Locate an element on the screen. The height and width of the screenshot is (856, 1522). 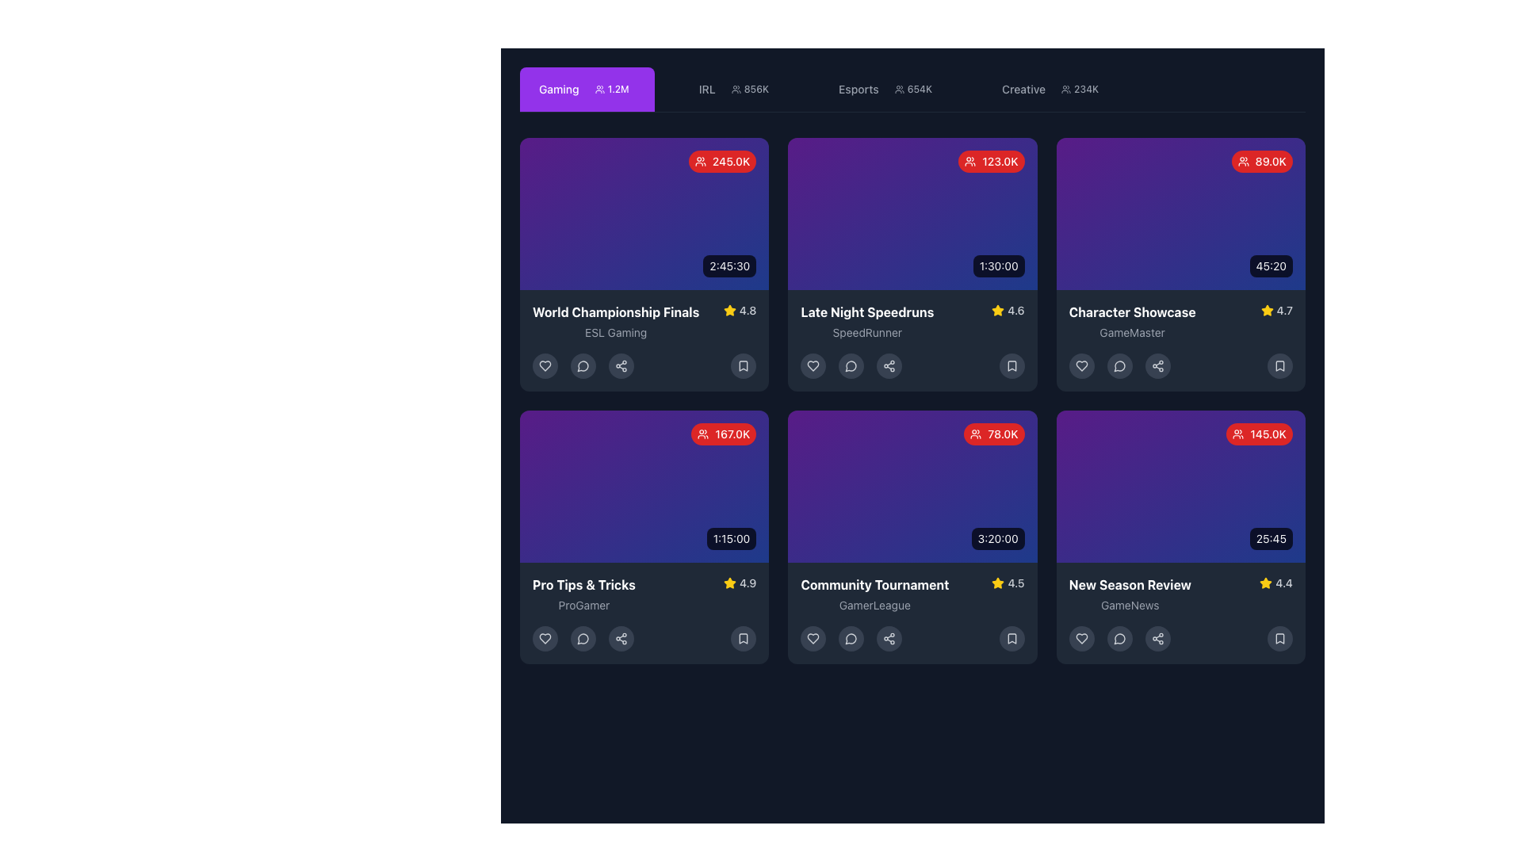
the bold text label element containing the phrase 'Pro Tips & Tricks', which is positioned above the smaller text 'ProGamer' within a card in the bottom left of a grid layout is located at coordinates (583, 584).